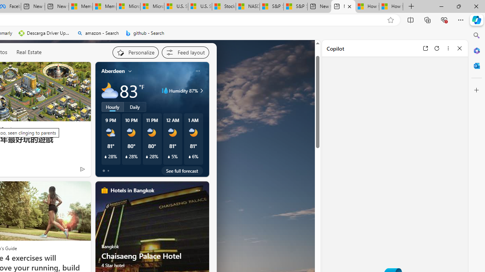  Describe the element at coordinates (109, 90) in the screenshot. I see `'Mostly cloudy'` at that location.